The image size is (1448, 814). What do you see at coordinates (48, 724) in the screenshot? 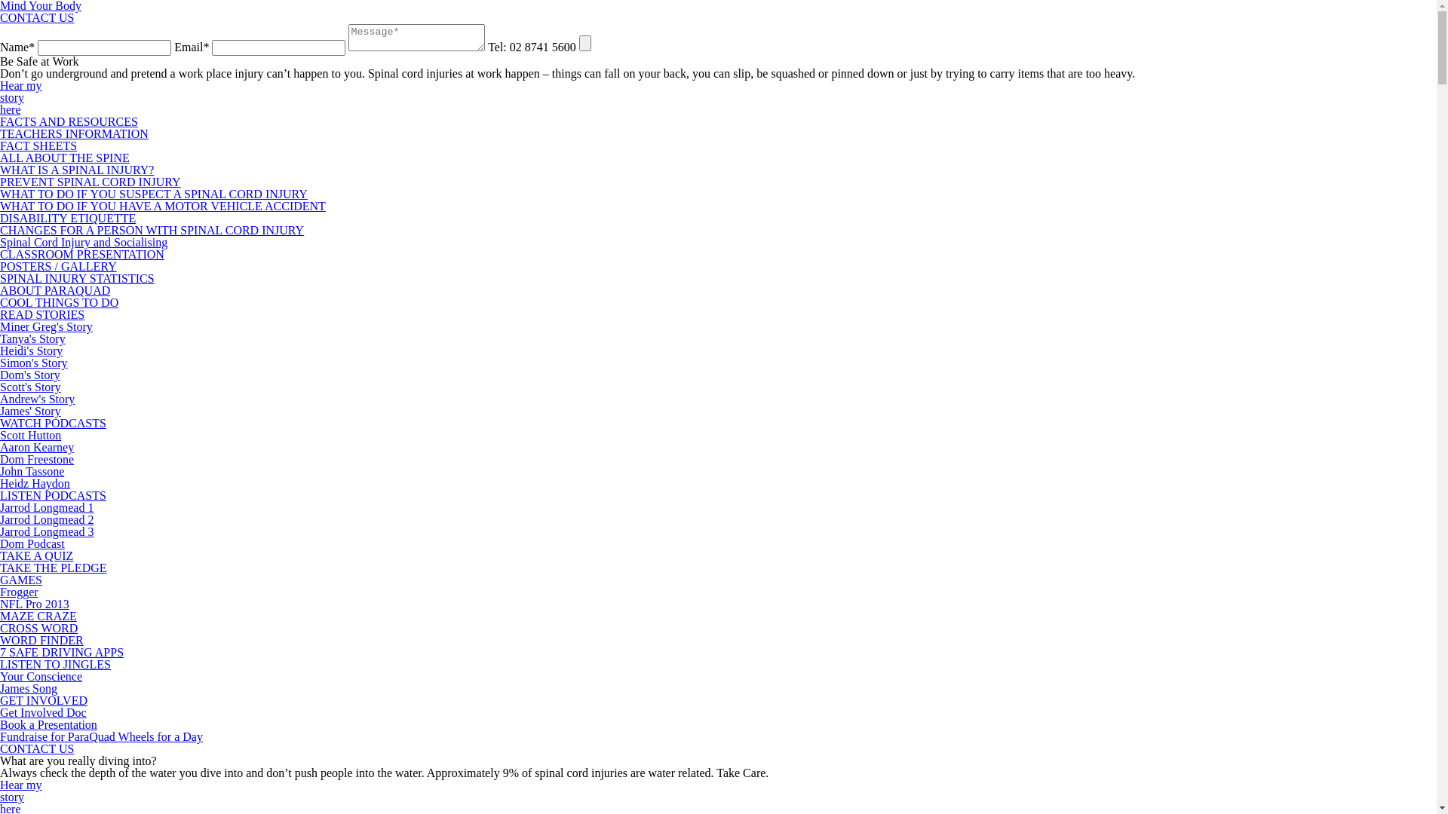
I see `'Book a Presentation'` at bounding box center [48, 724].